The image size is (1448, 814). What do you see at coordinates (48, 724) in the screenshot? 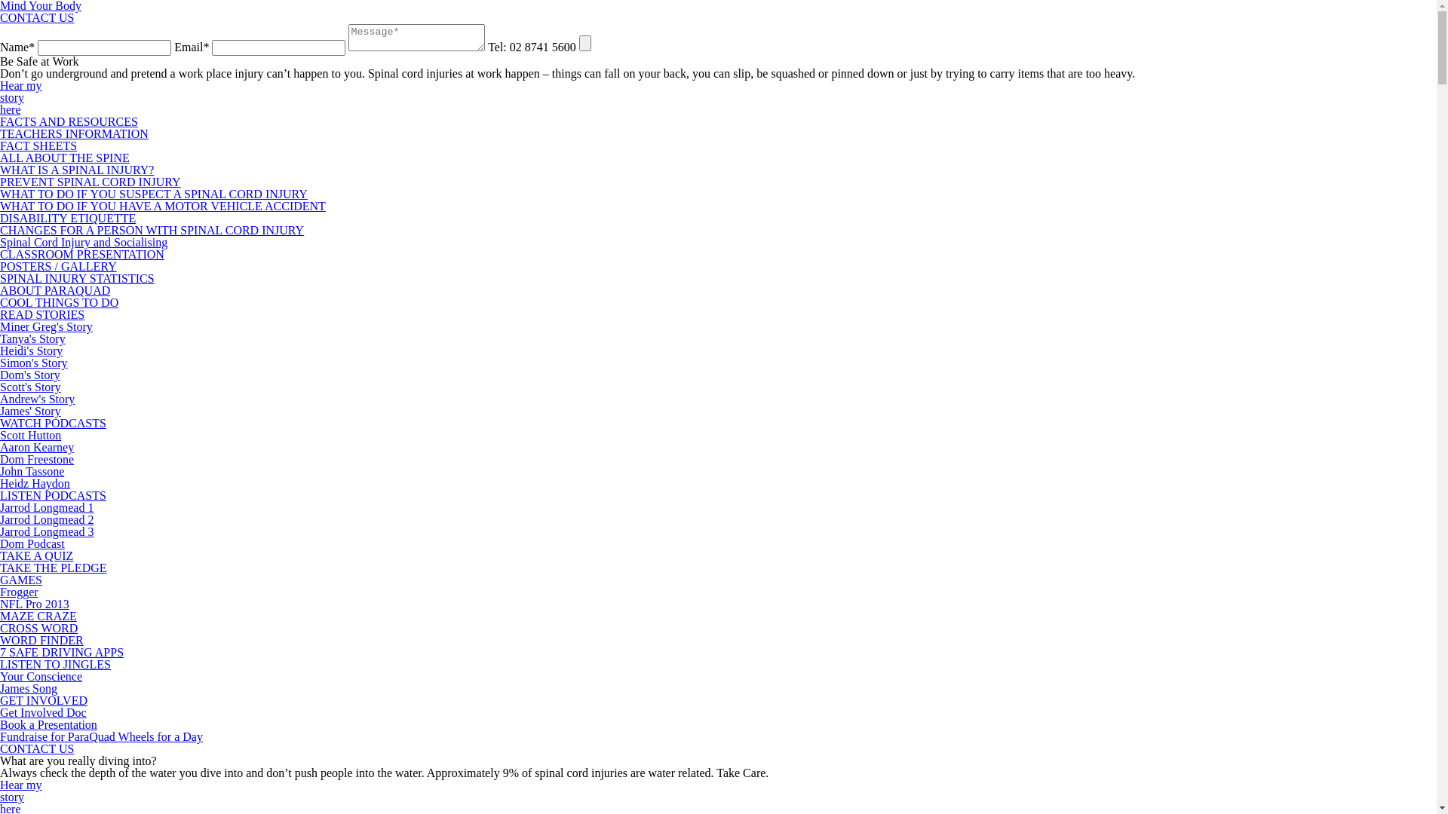
I see `'Book a Presentation'` at bounding box center [48, 724].